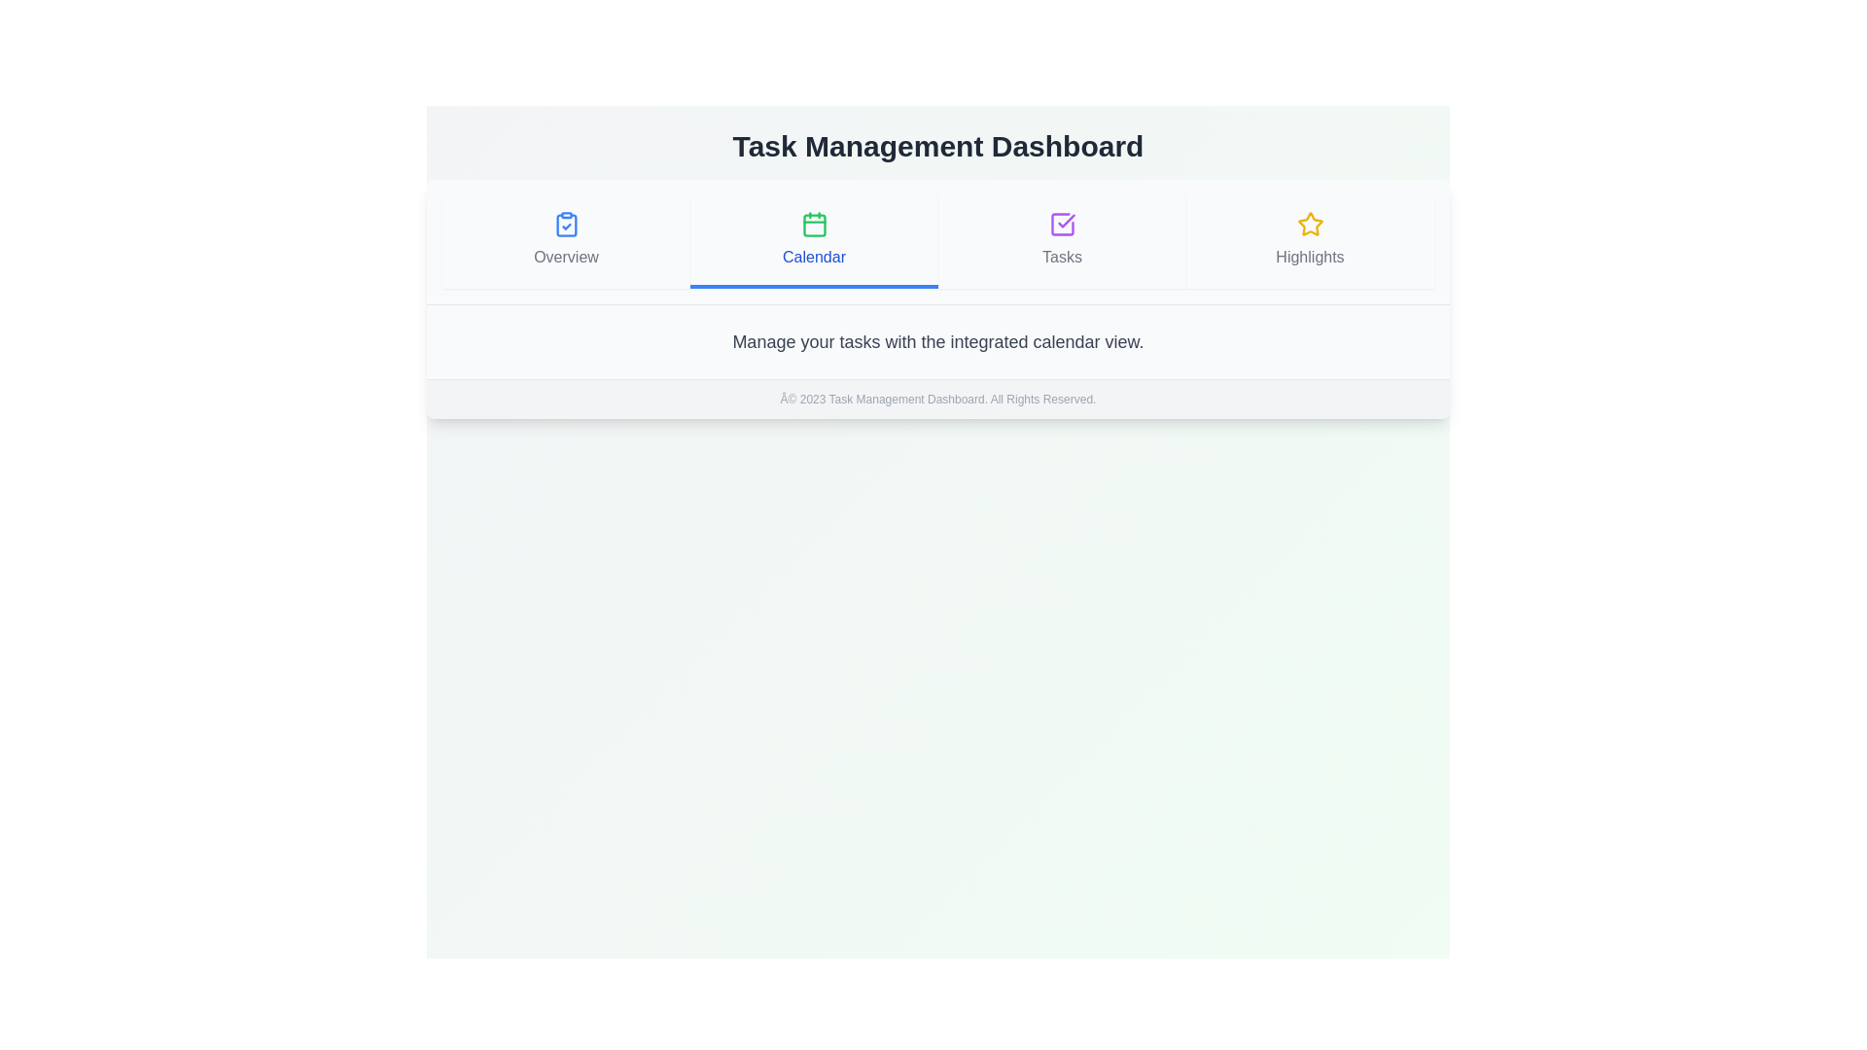 This screenshot has width=1867, height=1050. What do you see at coordinates (814, 224) in the screenshot?
I see `the Calendar Icon located in the center of the Calendar section, which is the second segment of the horizontal navigation bar, directly below 'Task Management Dashboard'` at bounding box center [814, 224].